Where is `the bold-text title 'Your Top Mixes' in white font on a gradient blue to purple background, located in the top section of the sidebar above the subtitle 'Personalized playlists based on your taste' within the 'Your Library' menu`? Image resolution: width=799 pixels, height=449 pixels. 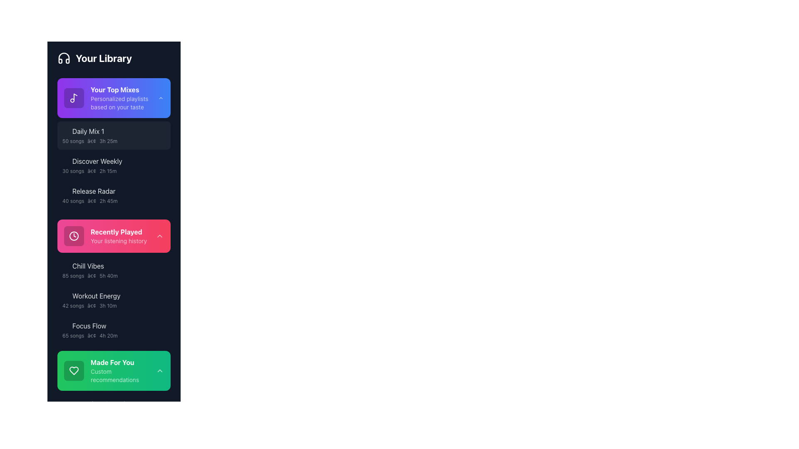
the bold-text title 'Your Top Mixes' in white font on a gradient blue to purple background, located in the top section of the sidebar above the subtitle 'Personalized playlists based on your taste' within the 'Your Library' menu is located at coordinates (124, 90).